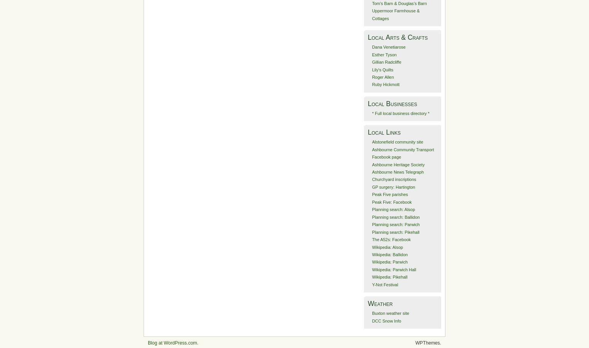  What do you see at coordinates (389, 194) in the screenshot?
I see `'Peak Five parishes'` at bounding box center [389, 194].